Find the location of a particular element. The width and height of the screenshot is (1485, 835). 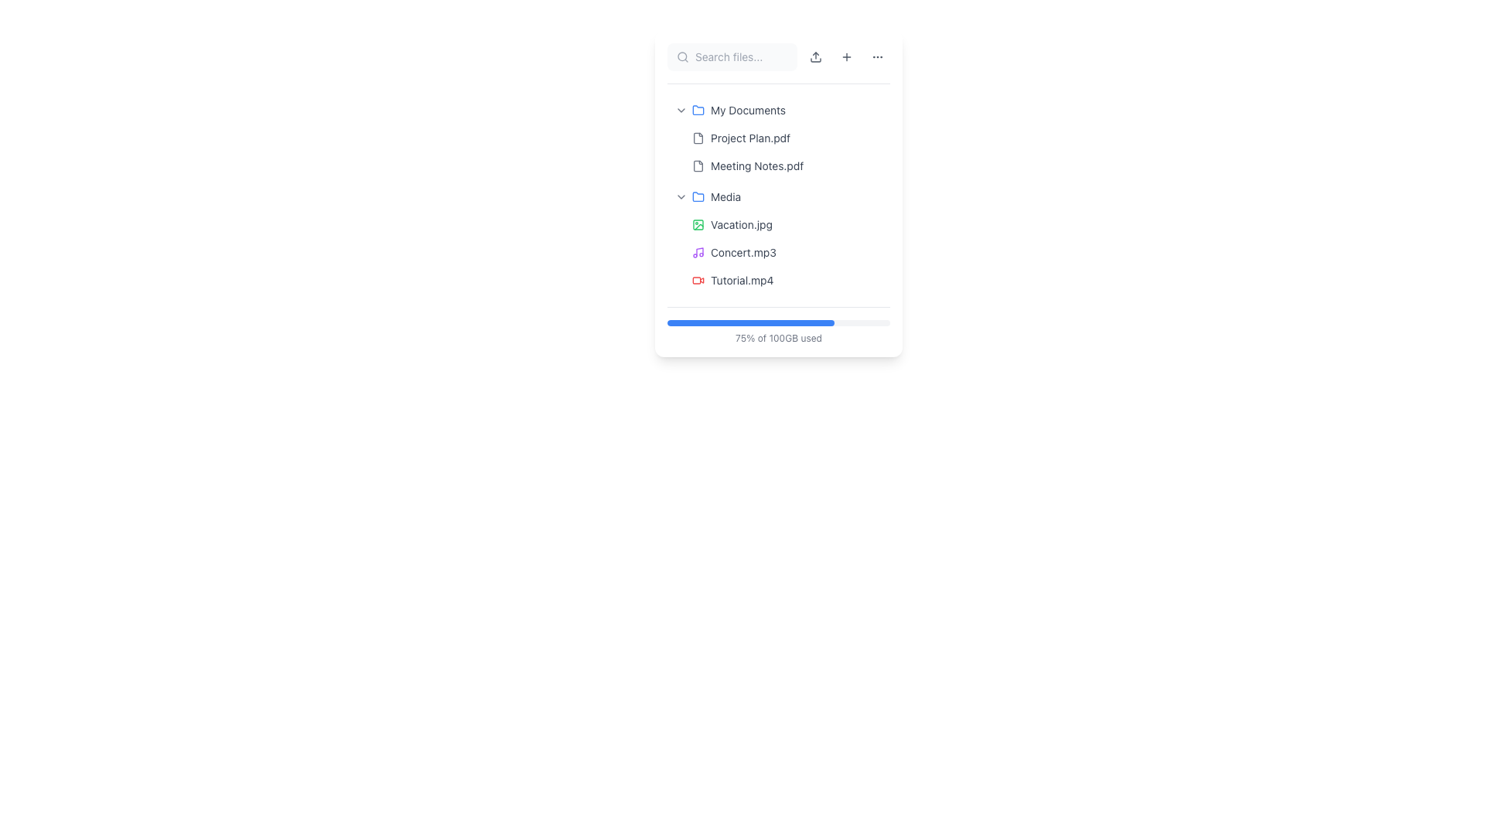

the document file icon located next to the text 'Project Plan.pdf' in the 'My Documents' section of the file management interface is located at coordinates (697, 137).